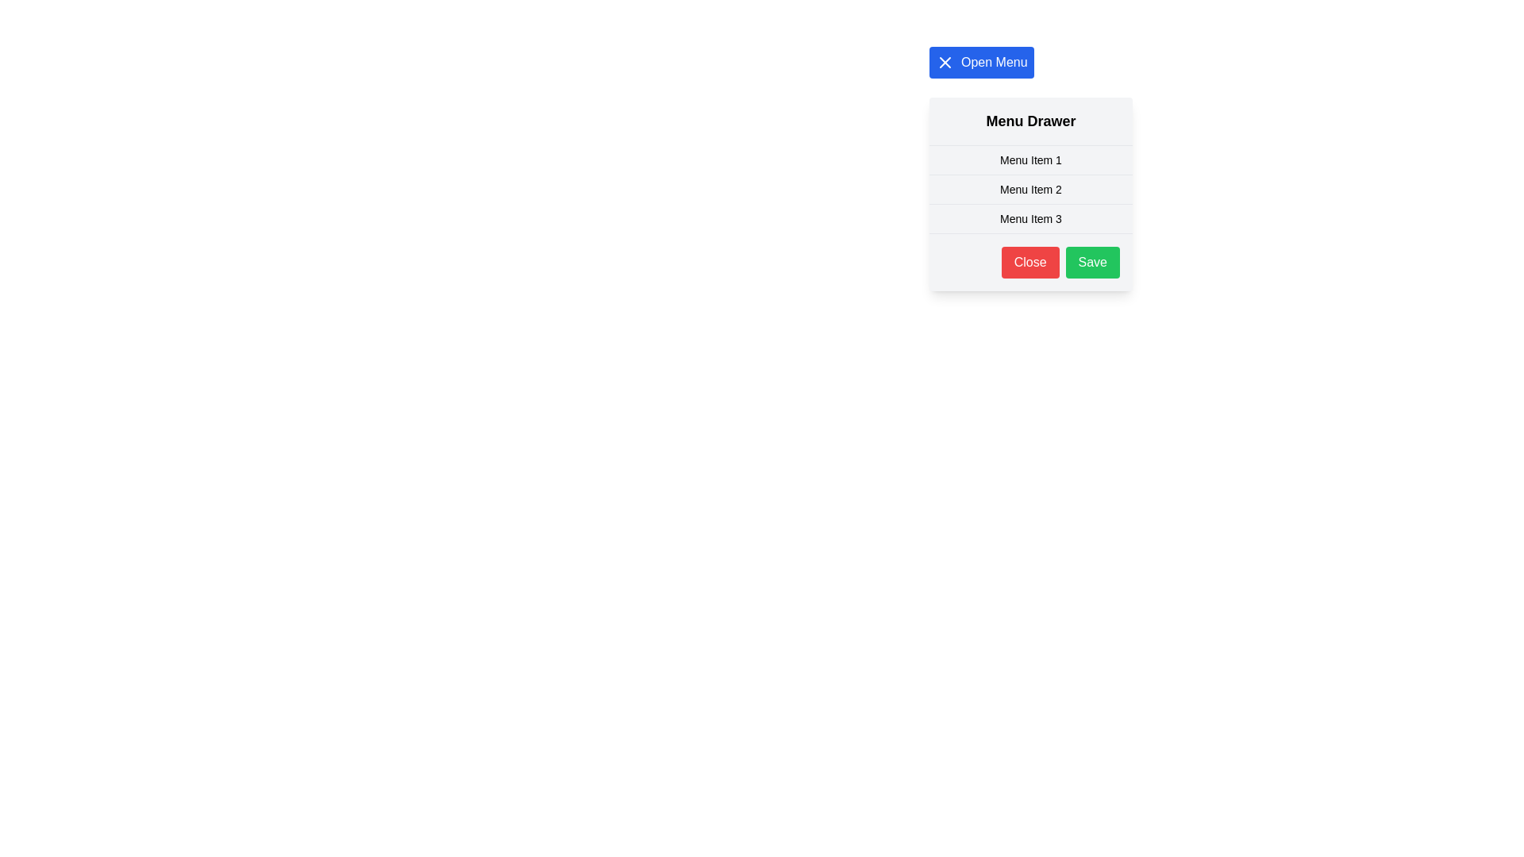  What do you see at coordinates (1031, 219) in the screenshot?
I see `the text-based menu item labeled 'Menu Item 3'` at bounding box center [1031, 219].